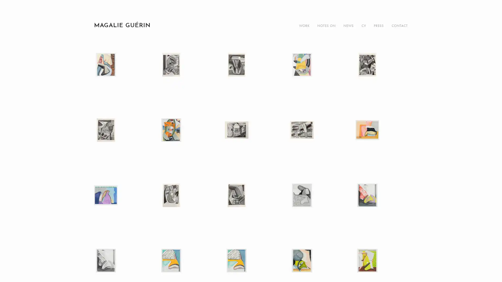 This screenshot has height=282, width=502. Describe the element at coordinates (316, 144) in the screenshot. I see `View fullsize Small Copy Drawing 107, 2019` at that location.